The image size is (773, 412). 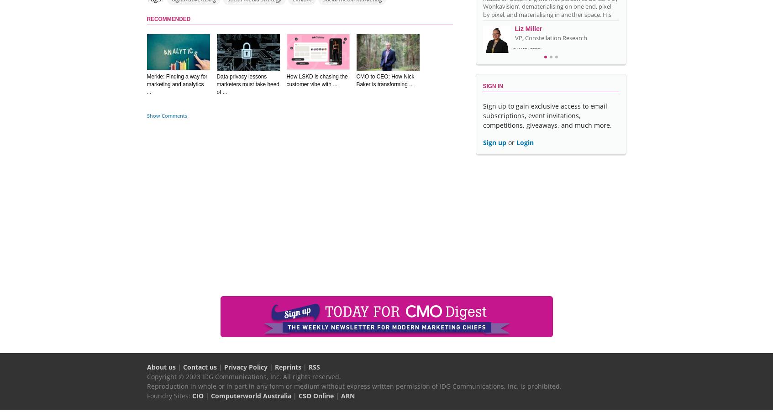 What do you see at coordinates (287, 366) in the screenshot?
I see `'Reprints'` at bounding box center [287, 366].